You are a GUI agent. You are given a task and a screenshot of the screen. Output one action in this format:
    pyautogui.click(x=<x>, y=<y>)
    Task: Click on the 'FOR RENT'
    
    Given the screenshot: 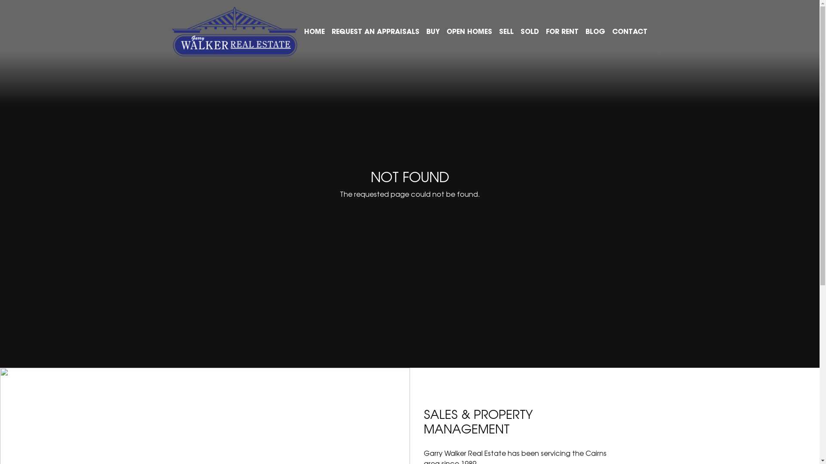 What is the action you would take?
    pyautogui.click(x=561, y=31)
    